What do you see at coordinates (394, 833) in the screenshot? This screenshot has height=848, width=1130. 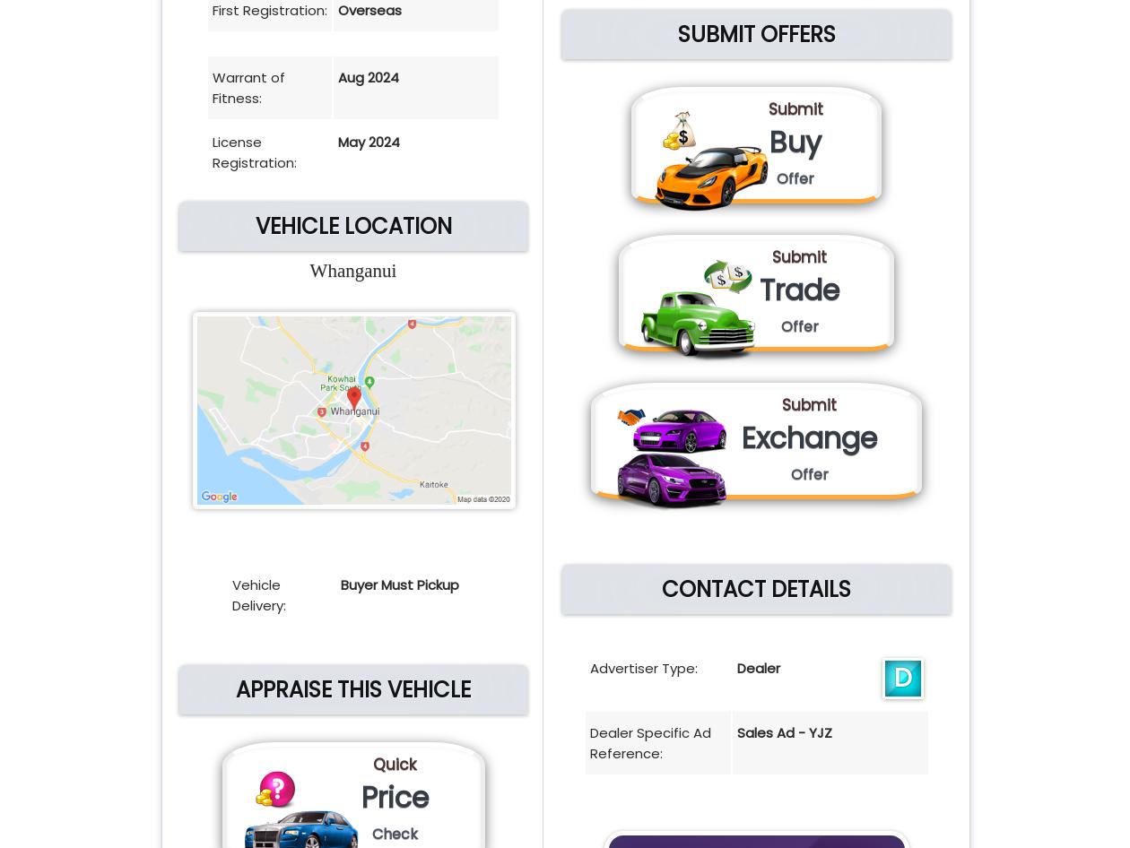 I see `'Check'` at bounding box center [394, 833].